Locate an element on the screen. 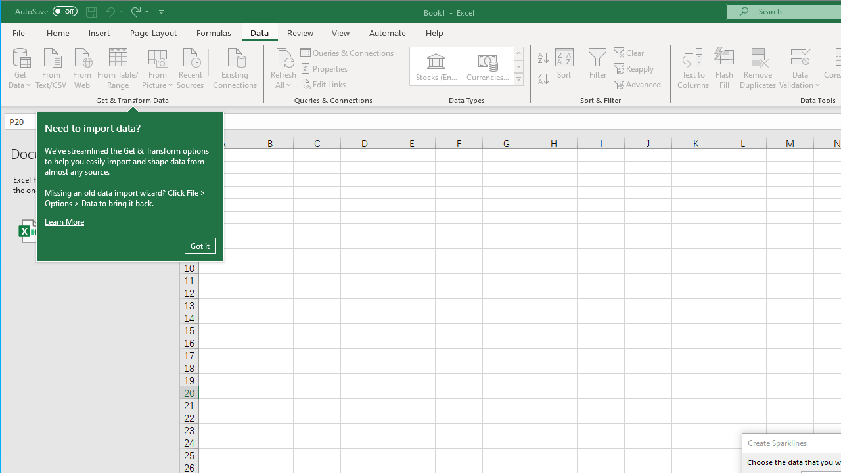 This screenshot has height=473, width=841. 'Undo' is located at coordinates (109, 11).